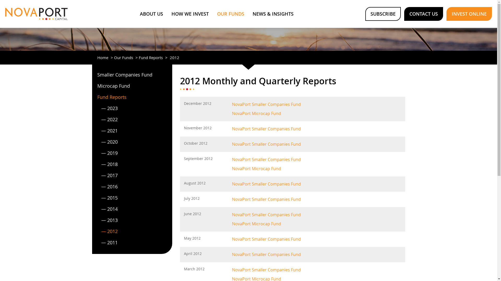 The height and width of the screenshot is (281, 501). I want to click on 'Home', so click(103, 57).